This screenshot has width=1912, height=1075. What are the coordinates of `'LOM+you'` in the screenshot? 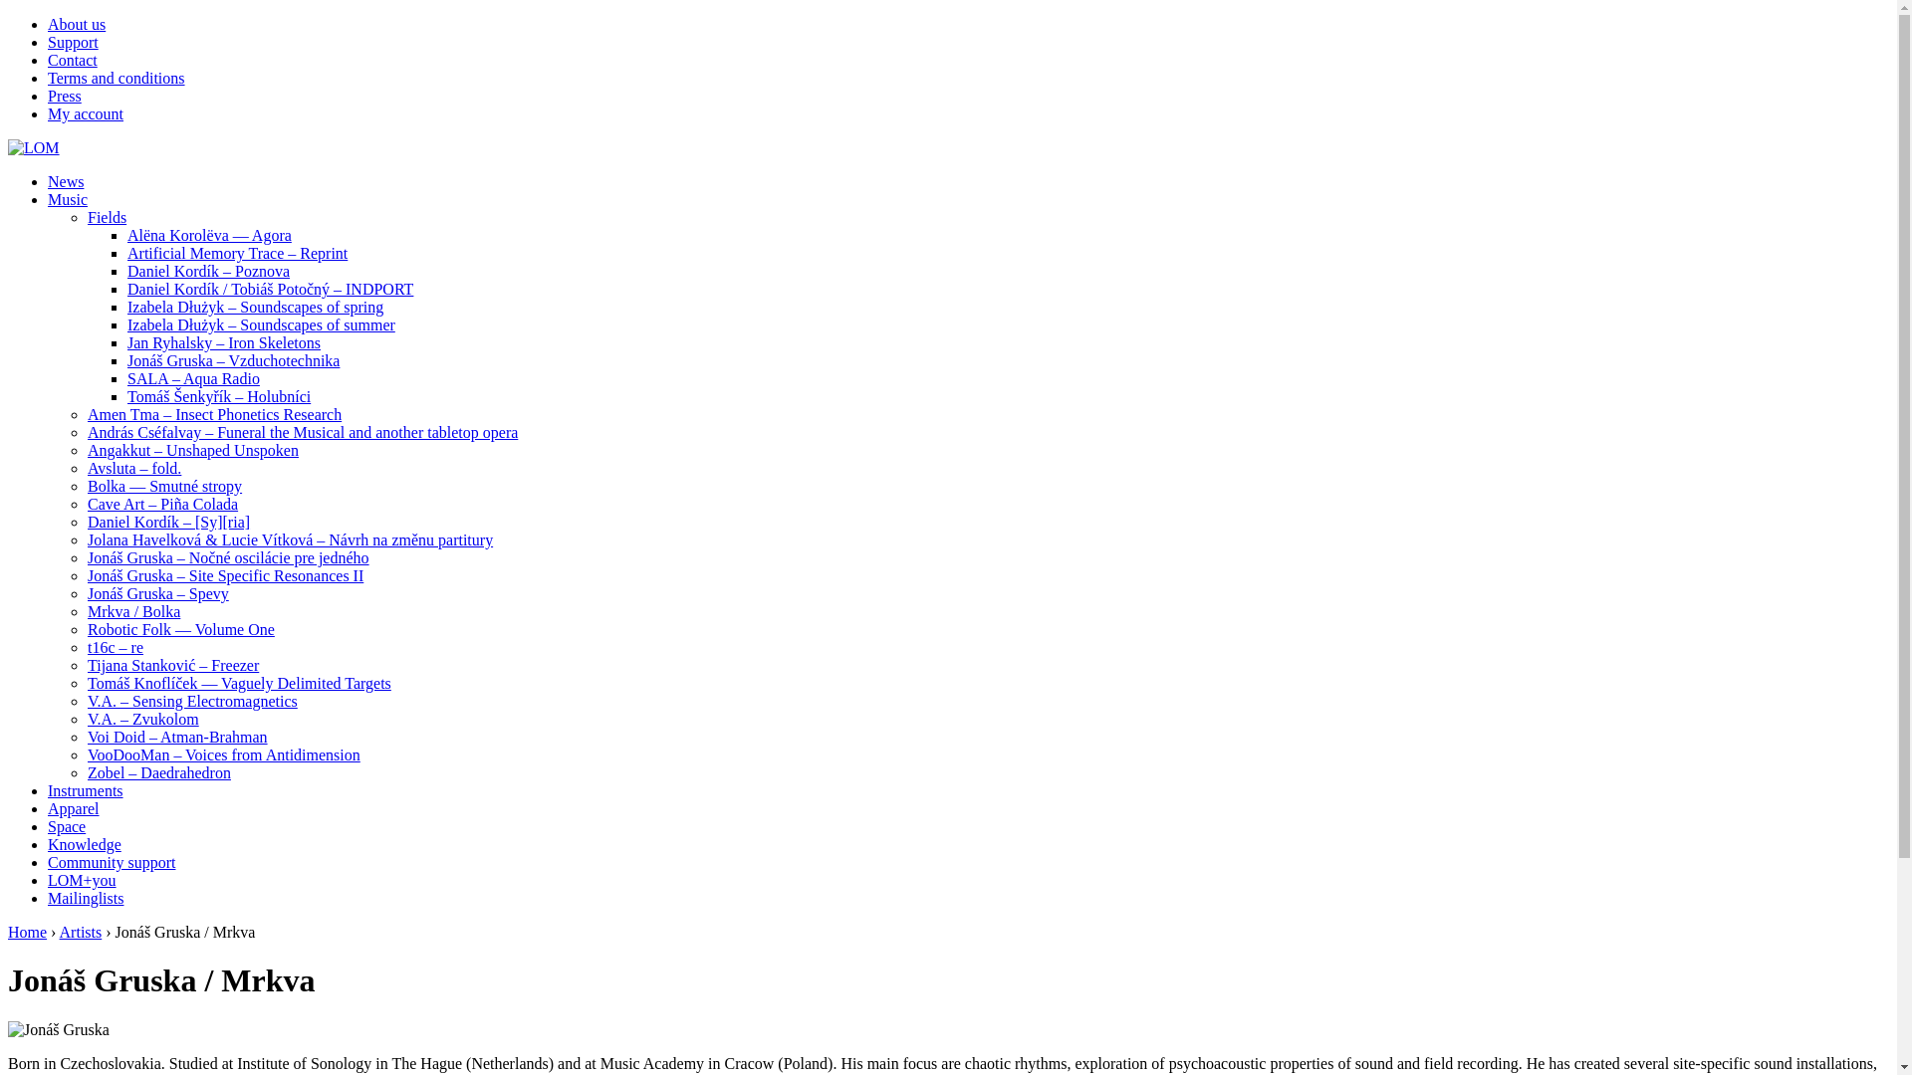 It's located at (48, 879).